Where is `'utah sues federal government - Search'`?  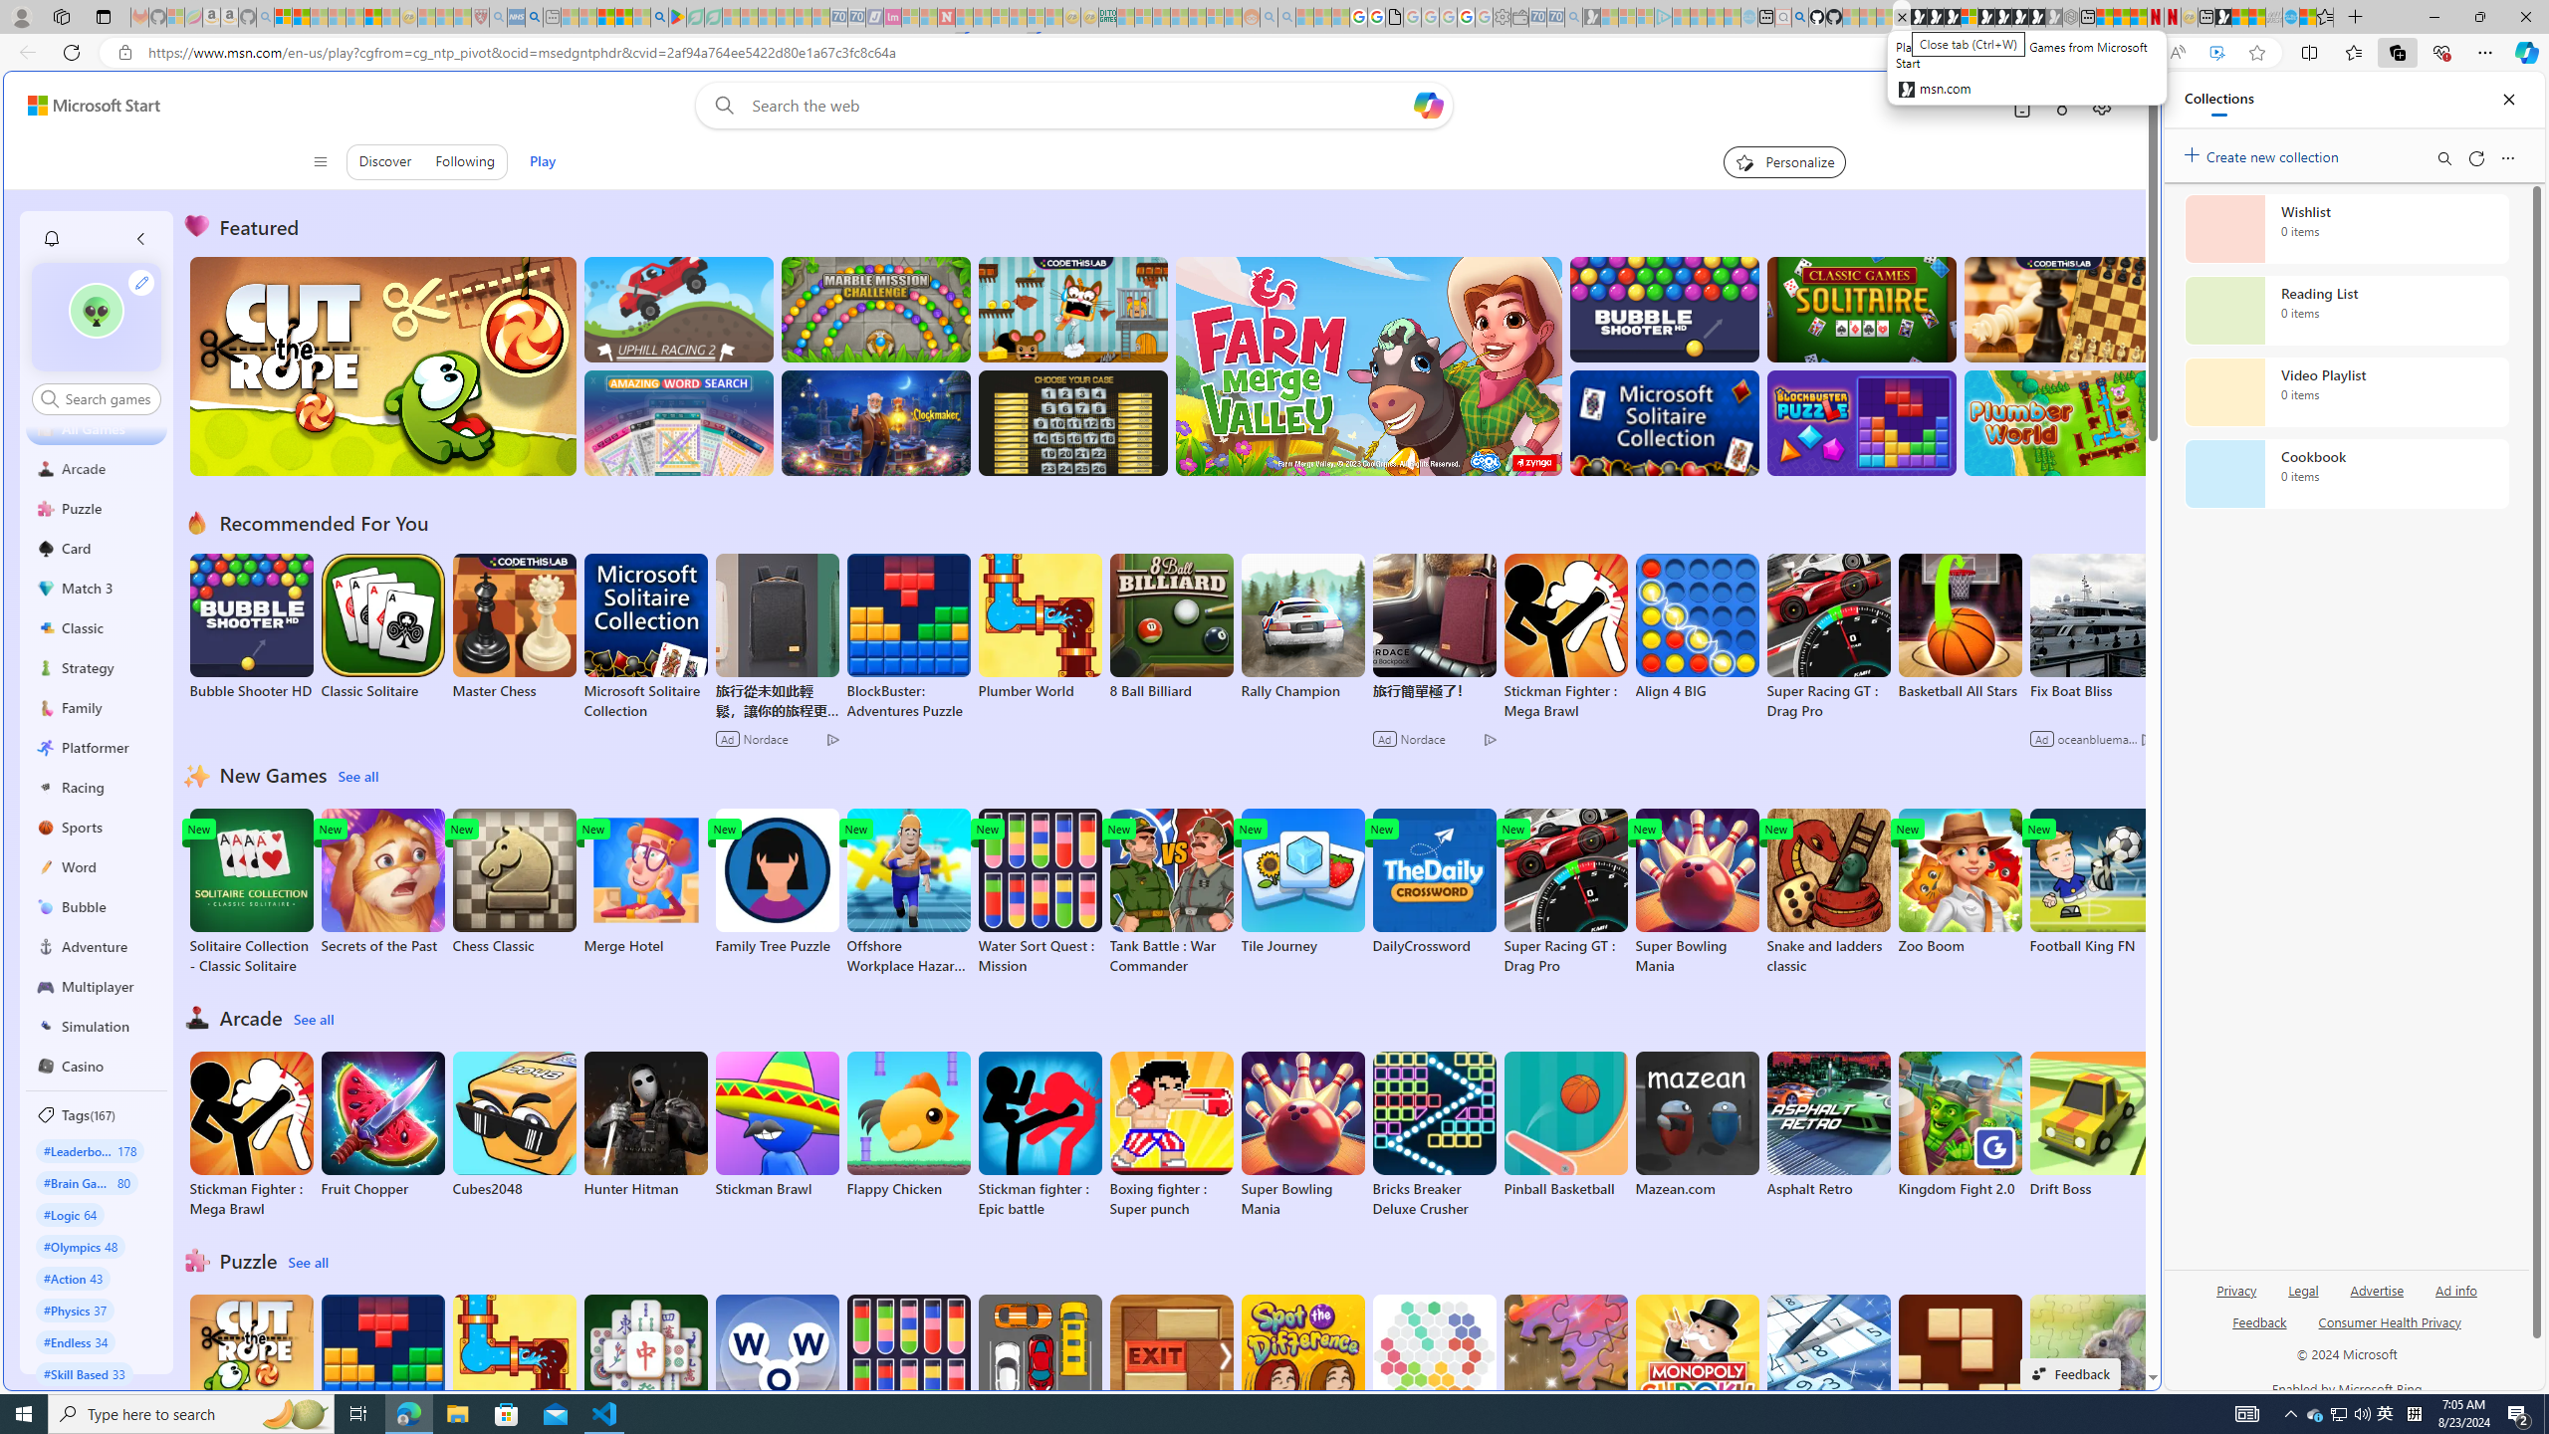
'utah sues federal government - Search' is located at coordinates (1615, 680).